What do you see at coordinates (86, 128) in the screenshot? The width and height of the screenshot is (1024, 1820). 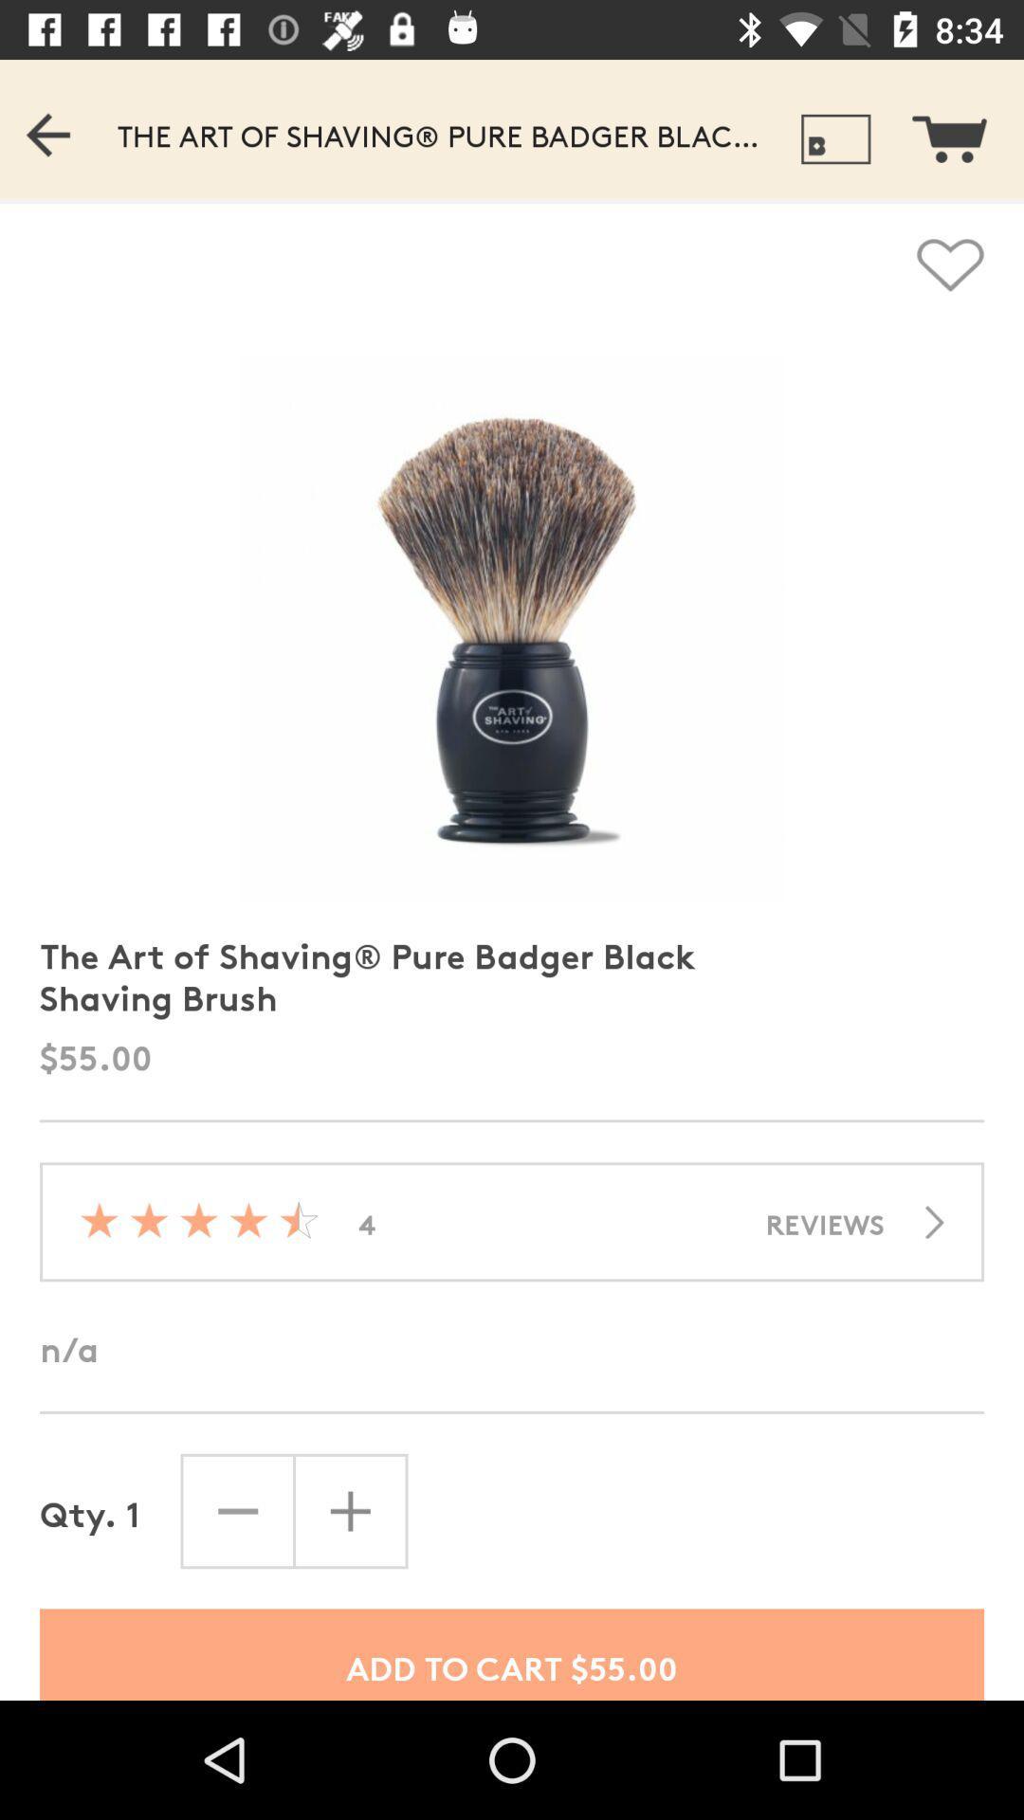 I see `the previous bar` at bounding box center [86, 128].